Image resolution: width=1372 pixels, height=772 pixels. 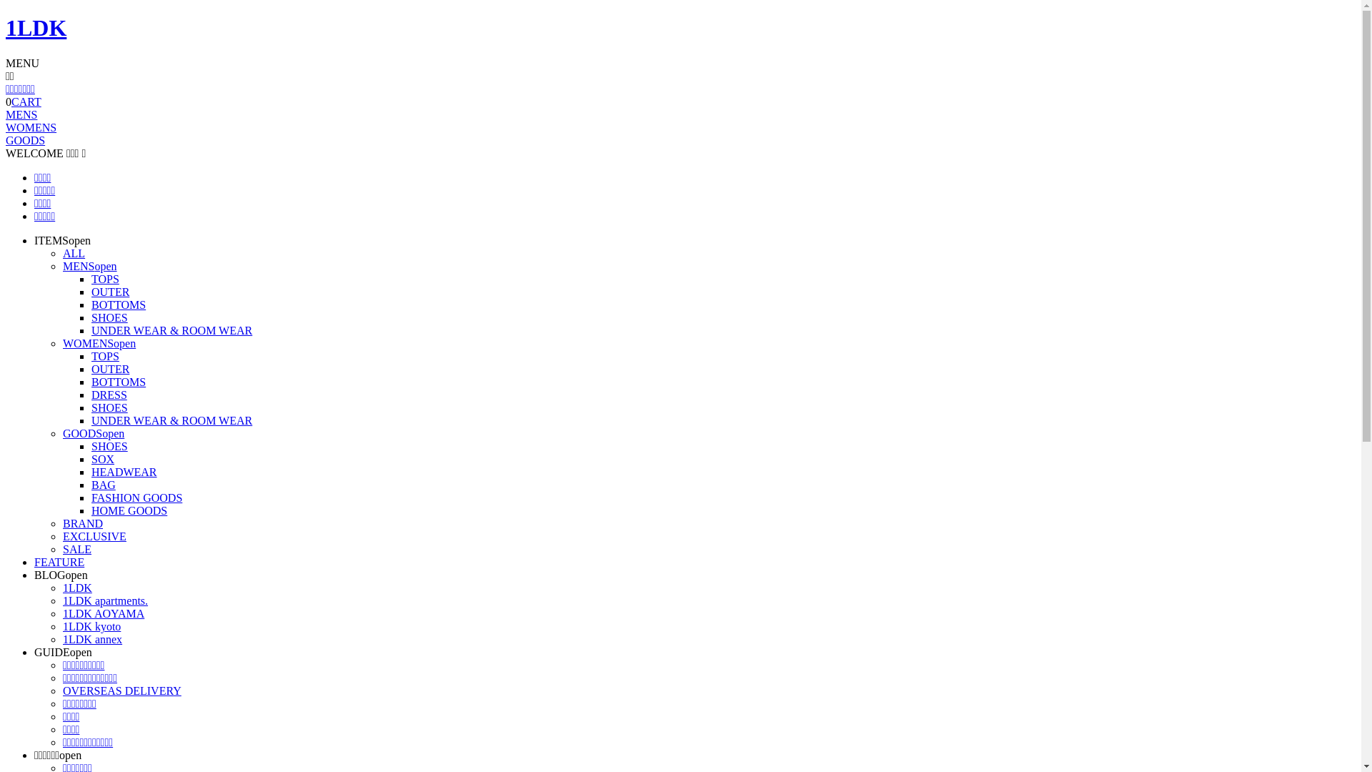 What do you see at coordinates (36, 27) in the screenshot?
I see `'1LDK'` at bounding box center [36, 27].